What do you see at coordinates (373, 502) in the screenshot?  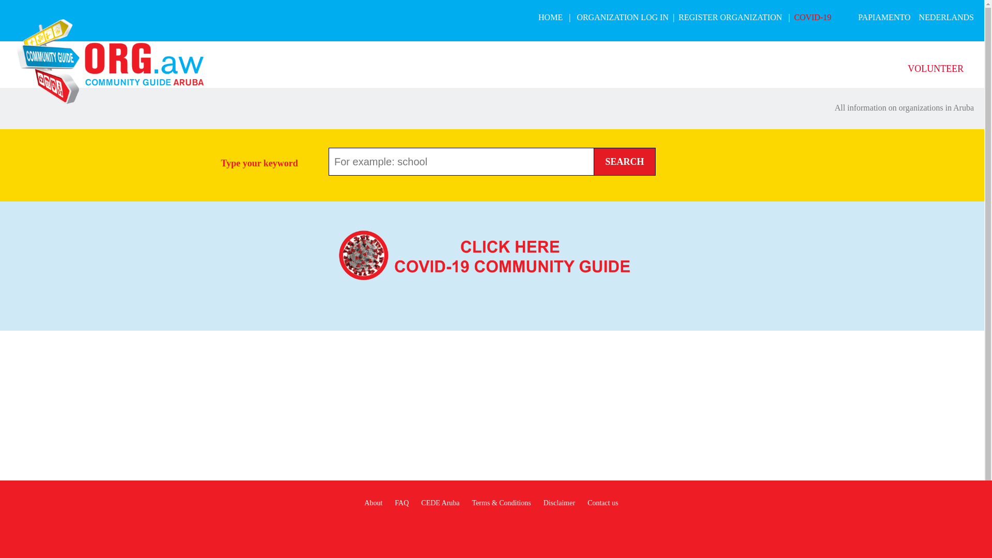 I see `'About'` at bounding box center [373, 502].